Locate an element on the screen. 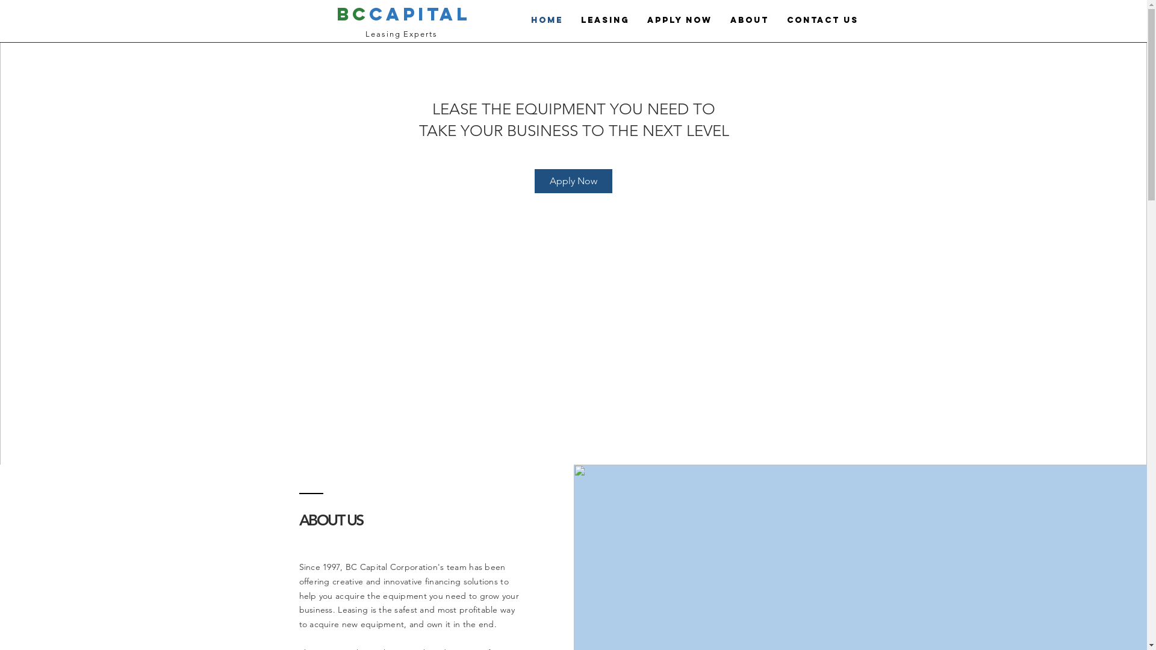 This screenshot has height=650, width=1156. 'Home' is located at coordinates (545, 20).